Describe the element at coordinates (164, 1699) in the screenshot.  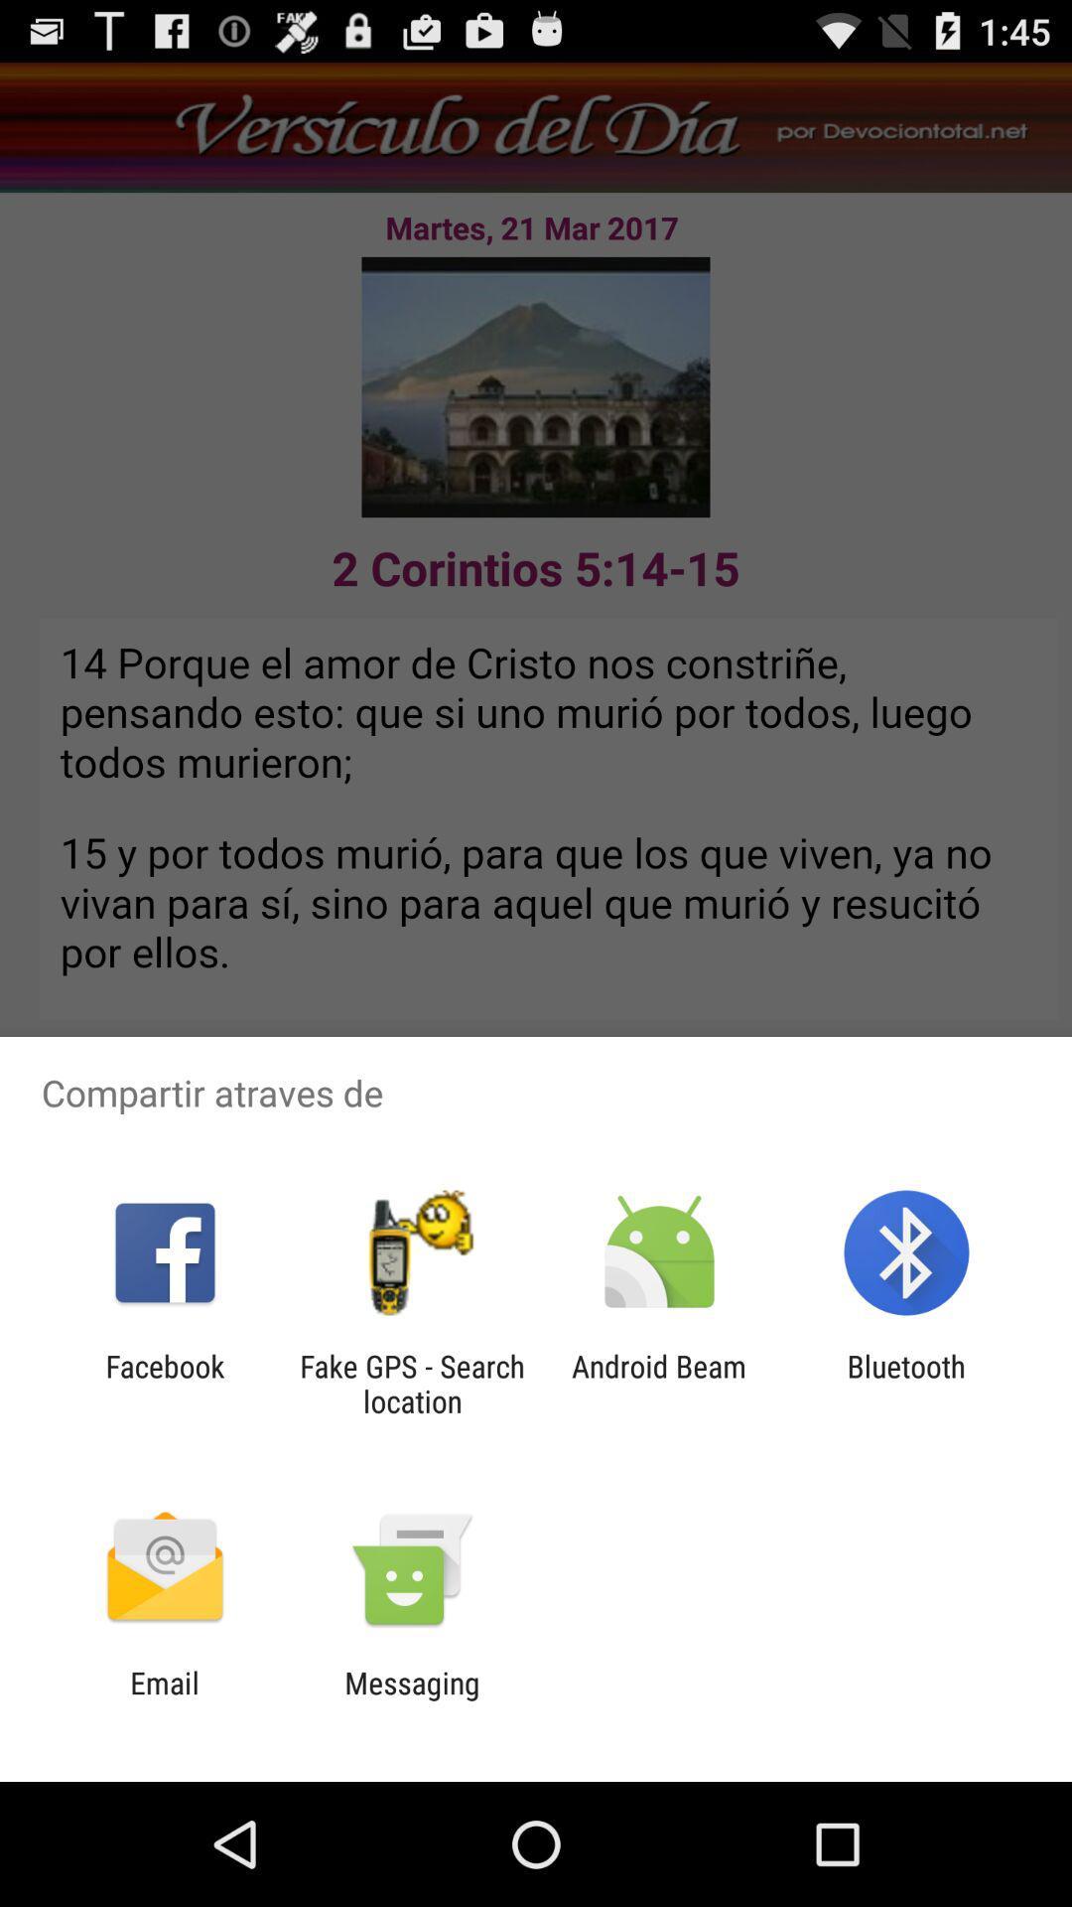
I see `the email icon` at that location.